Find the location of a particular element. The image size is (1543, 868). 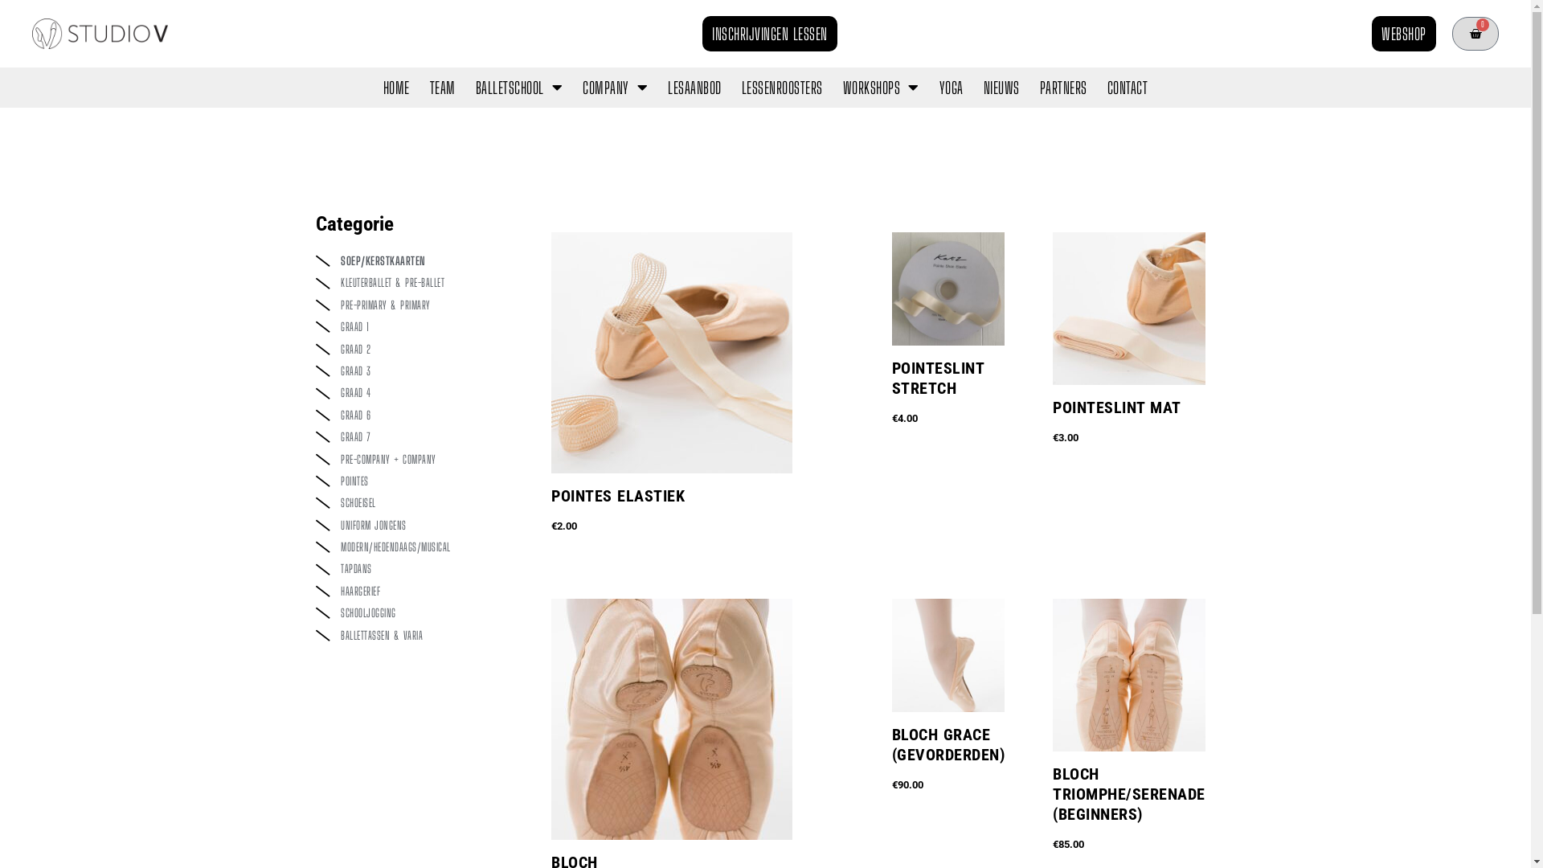

'NIEUWS' is located at coordinates (1001, 87).